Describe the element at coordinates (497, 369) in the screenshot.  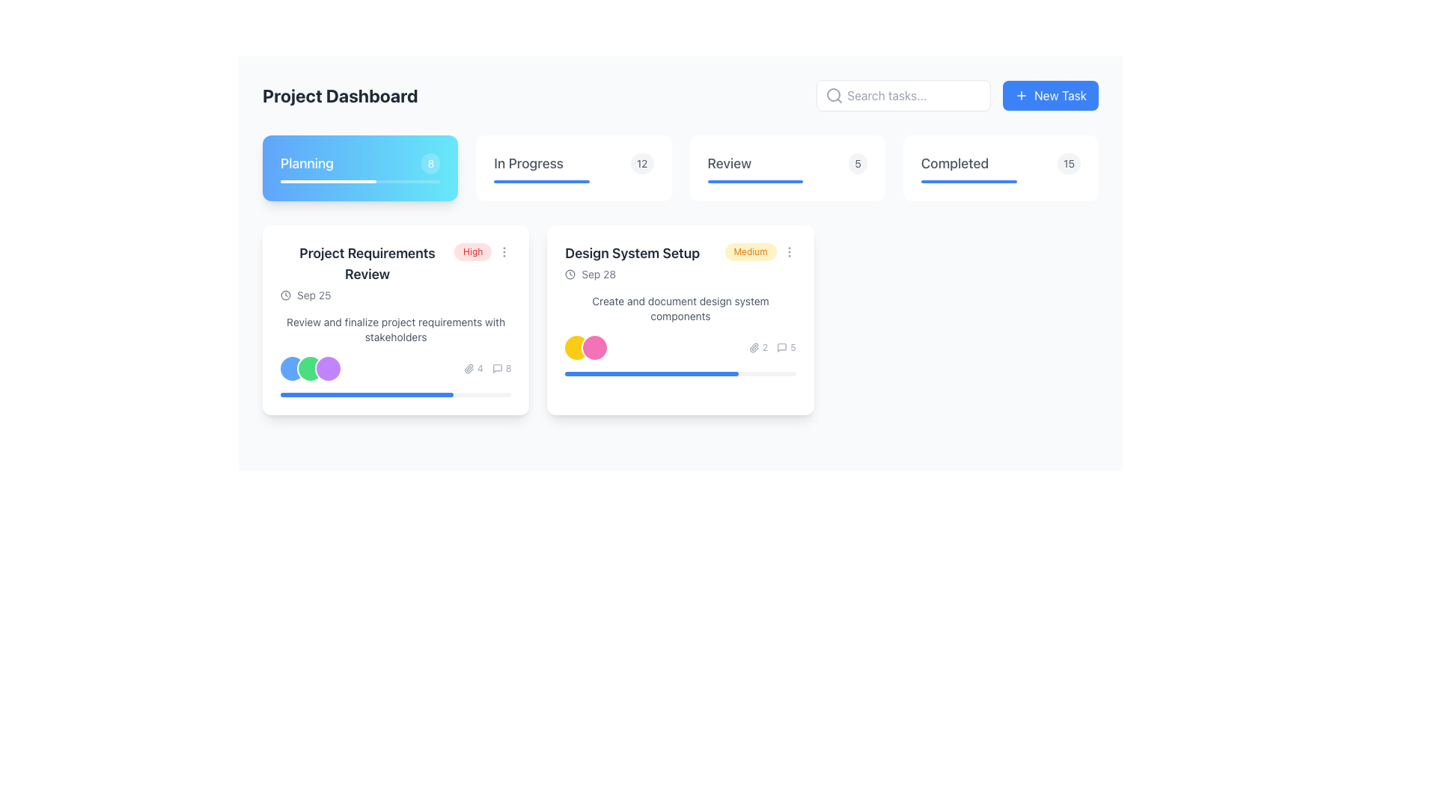
I see `the speech bubble icon located at the bottom-right corner of the 'Project Requirements Review' card, which serves as a button for messaging or commenting` at that location.